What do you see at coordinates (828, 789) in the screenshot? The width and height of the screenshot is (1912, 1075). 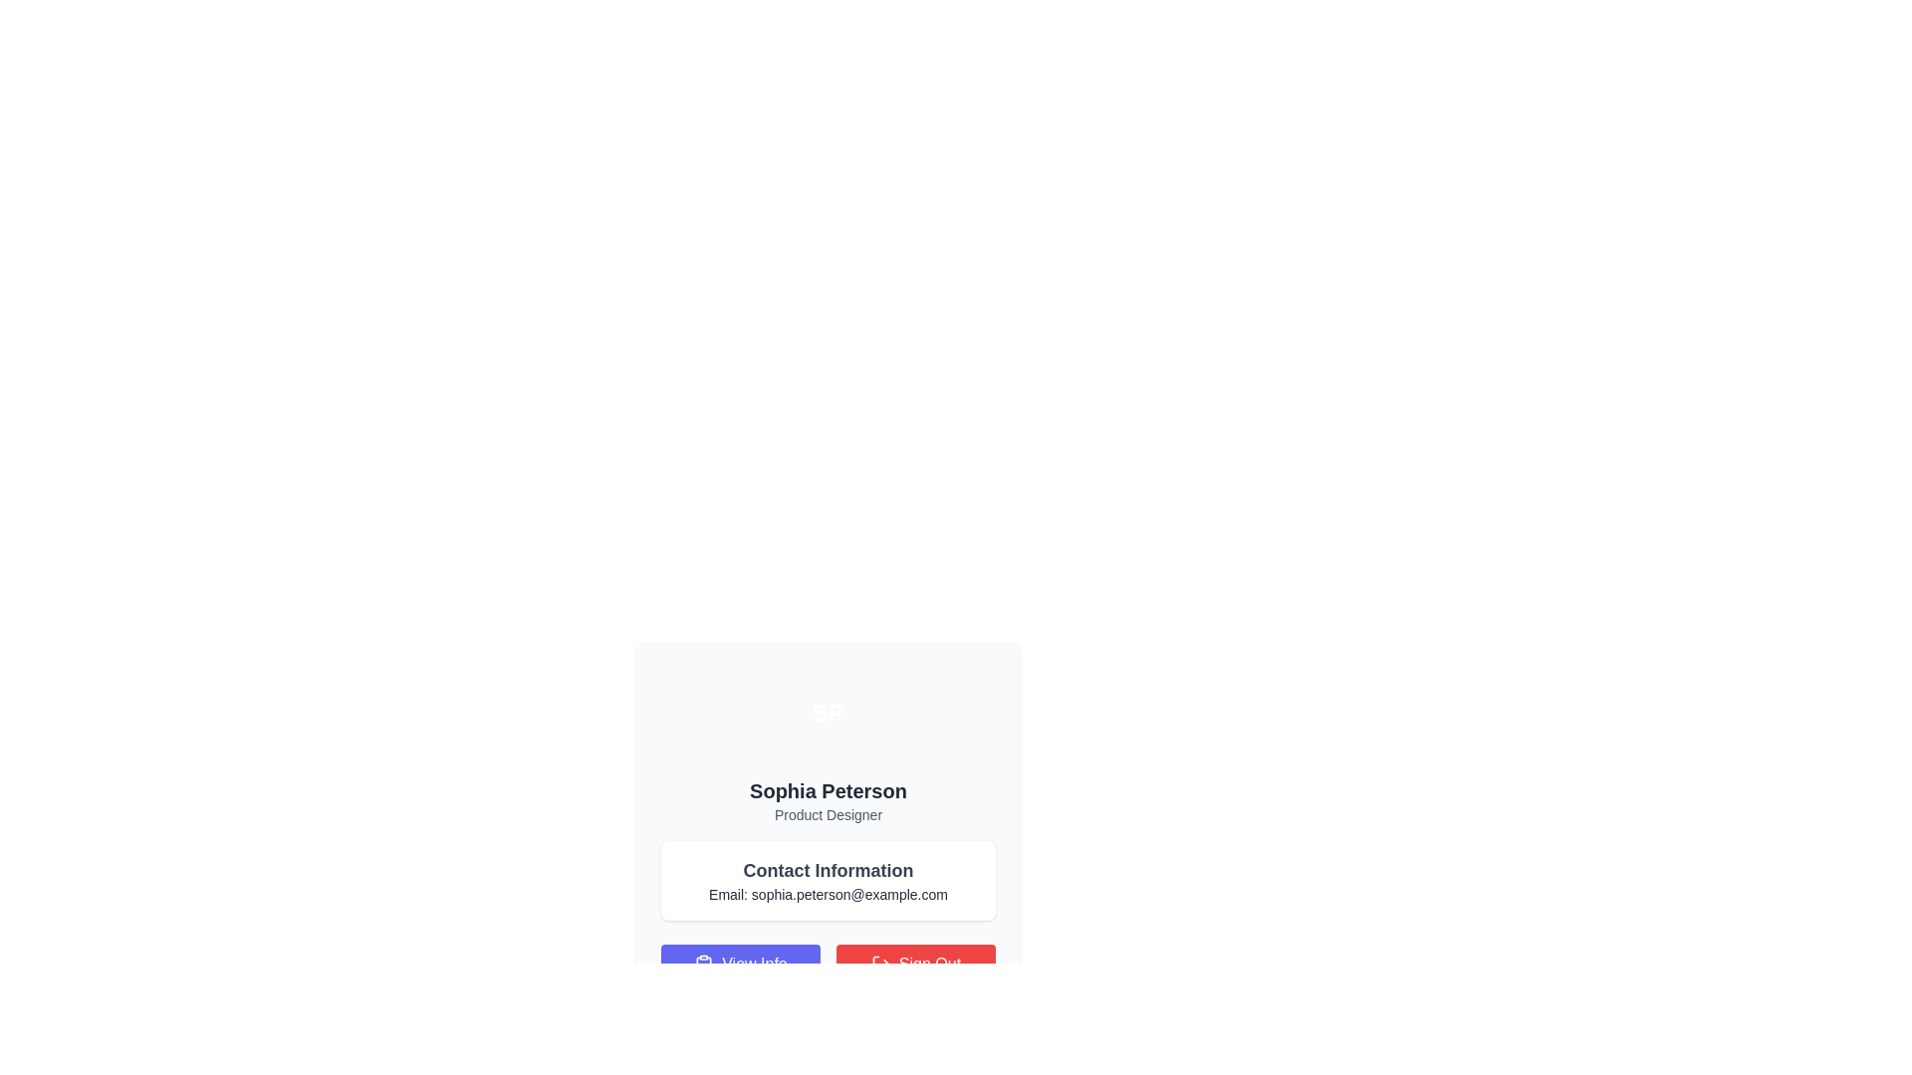 I see `the text display element showing the name 'Sophia Peterson', which is bold, extra-large, and dark gray, located within the user profile card, directly below the avatar labeled 'SP' and above the role designation 'Product Designer'` at bounding box center [828, 789].